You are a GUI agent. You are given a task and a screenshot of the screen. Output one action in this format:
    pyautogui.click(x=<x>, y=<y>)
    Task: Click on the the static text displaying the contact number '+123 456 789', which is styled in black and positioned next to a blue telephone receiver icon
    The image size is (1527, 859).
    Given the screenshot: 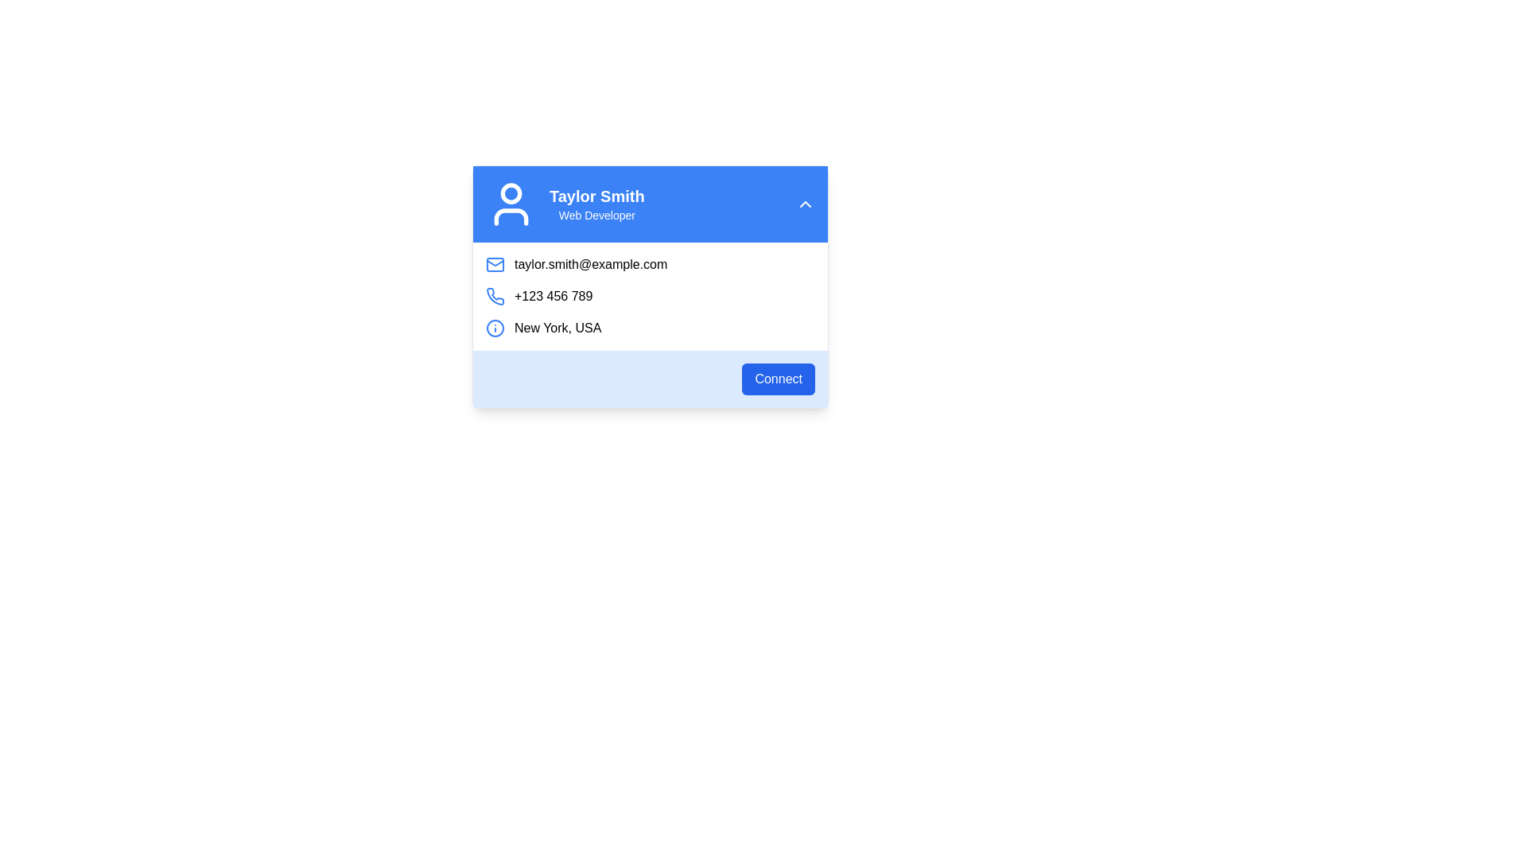 What is the action you would take?
    pyautogui.click(x=554, y=297)
    